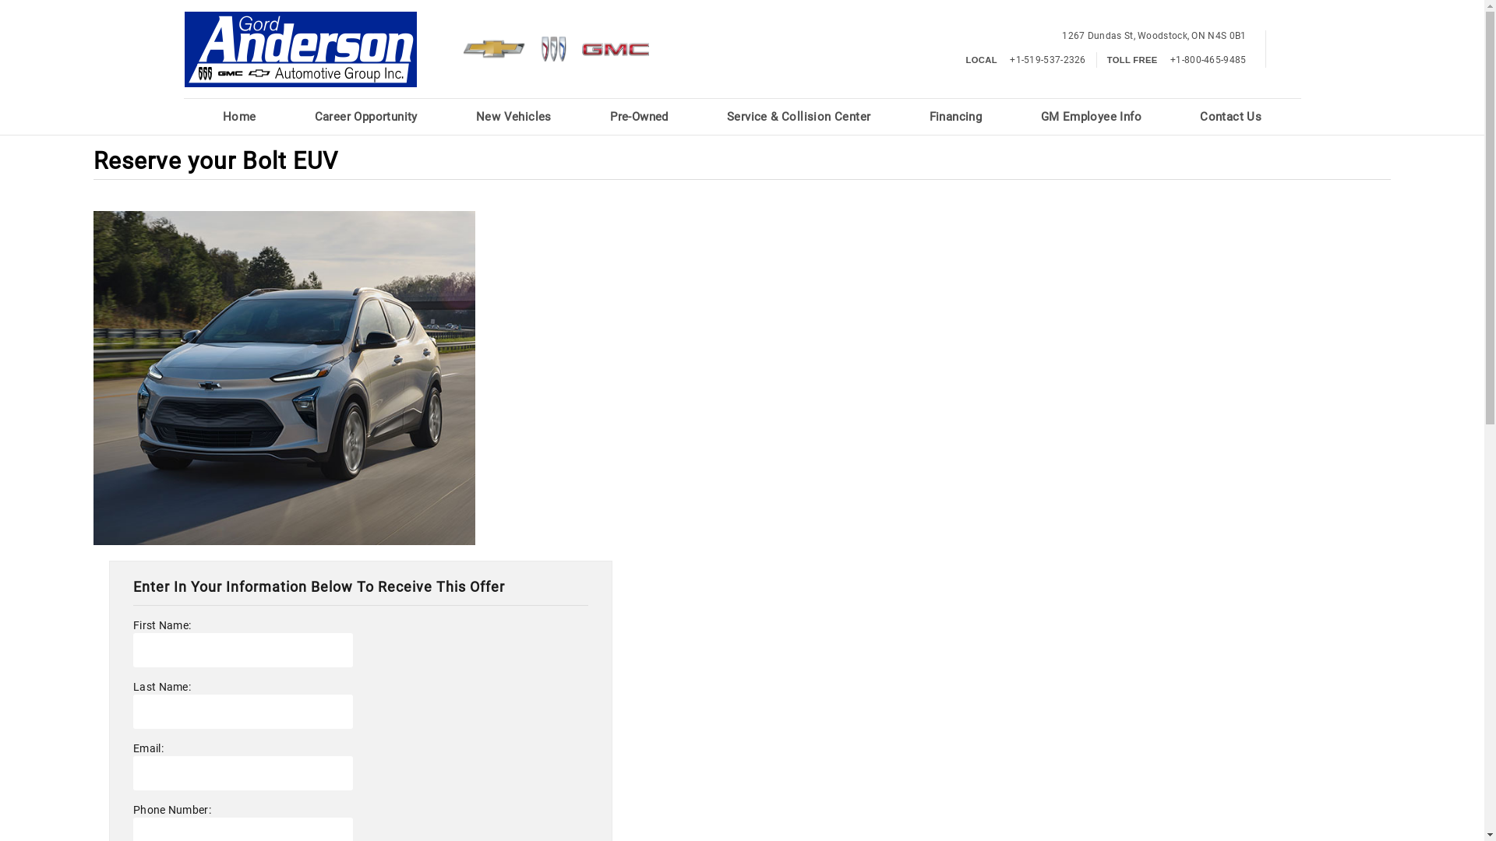 The width and height of the screenshot is (1496, 841). What do you see at coordinates (955, 116) in the screenshot?
I see `'Financing'` at bounding box center [955, 116].